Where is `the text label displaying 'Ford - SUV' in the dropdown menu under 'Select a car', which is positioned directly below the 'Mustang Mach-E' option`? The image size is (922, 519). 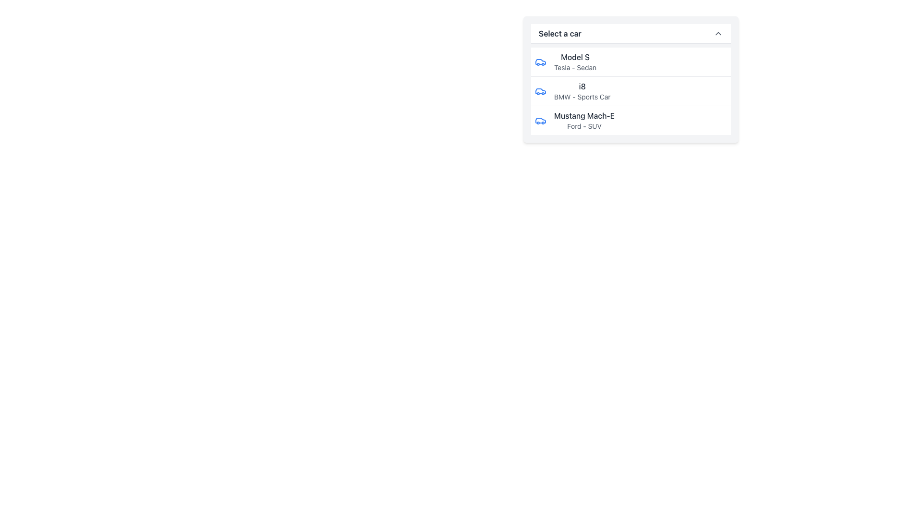 the text label displaying 'Ford - SUV' in the dropdown menu under 'Select a car', which is positioned directly below the 'Mustang Mach-E' option is located at coordinates (584, 125).